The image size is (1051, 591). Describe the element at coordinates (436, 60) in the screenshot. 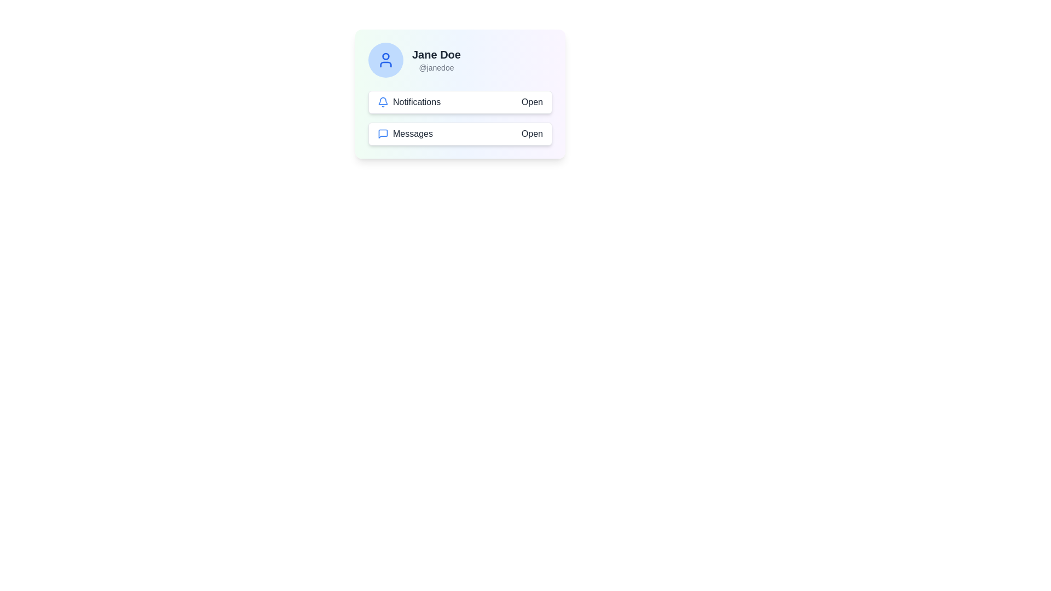

I see `the profile display element showing the user's name 'Jane Doe' and username '@janedoe' located in the top-right section of a white card layout` at that location.